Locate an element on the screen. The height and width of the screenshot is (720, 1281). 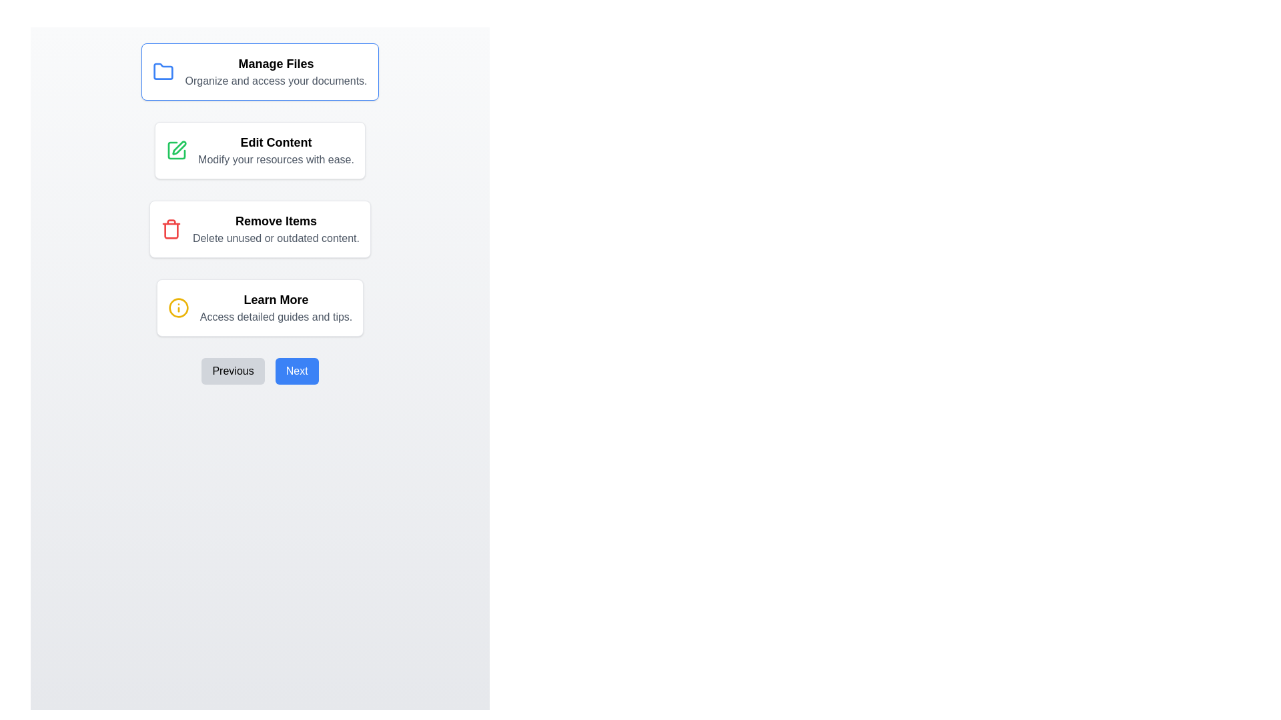
the 'Learn More' label, which serves as a heading for guides and tips, located in the last section of the stacked list of informational cards is located at coordinates (275, 300).